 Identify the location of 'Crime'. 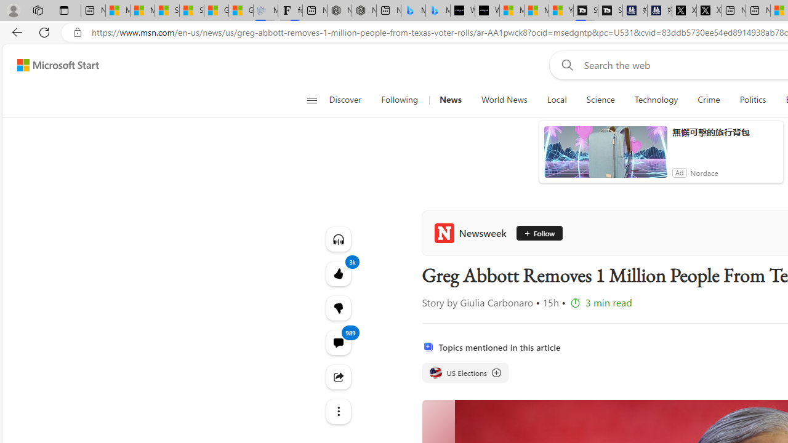
(709, 100).